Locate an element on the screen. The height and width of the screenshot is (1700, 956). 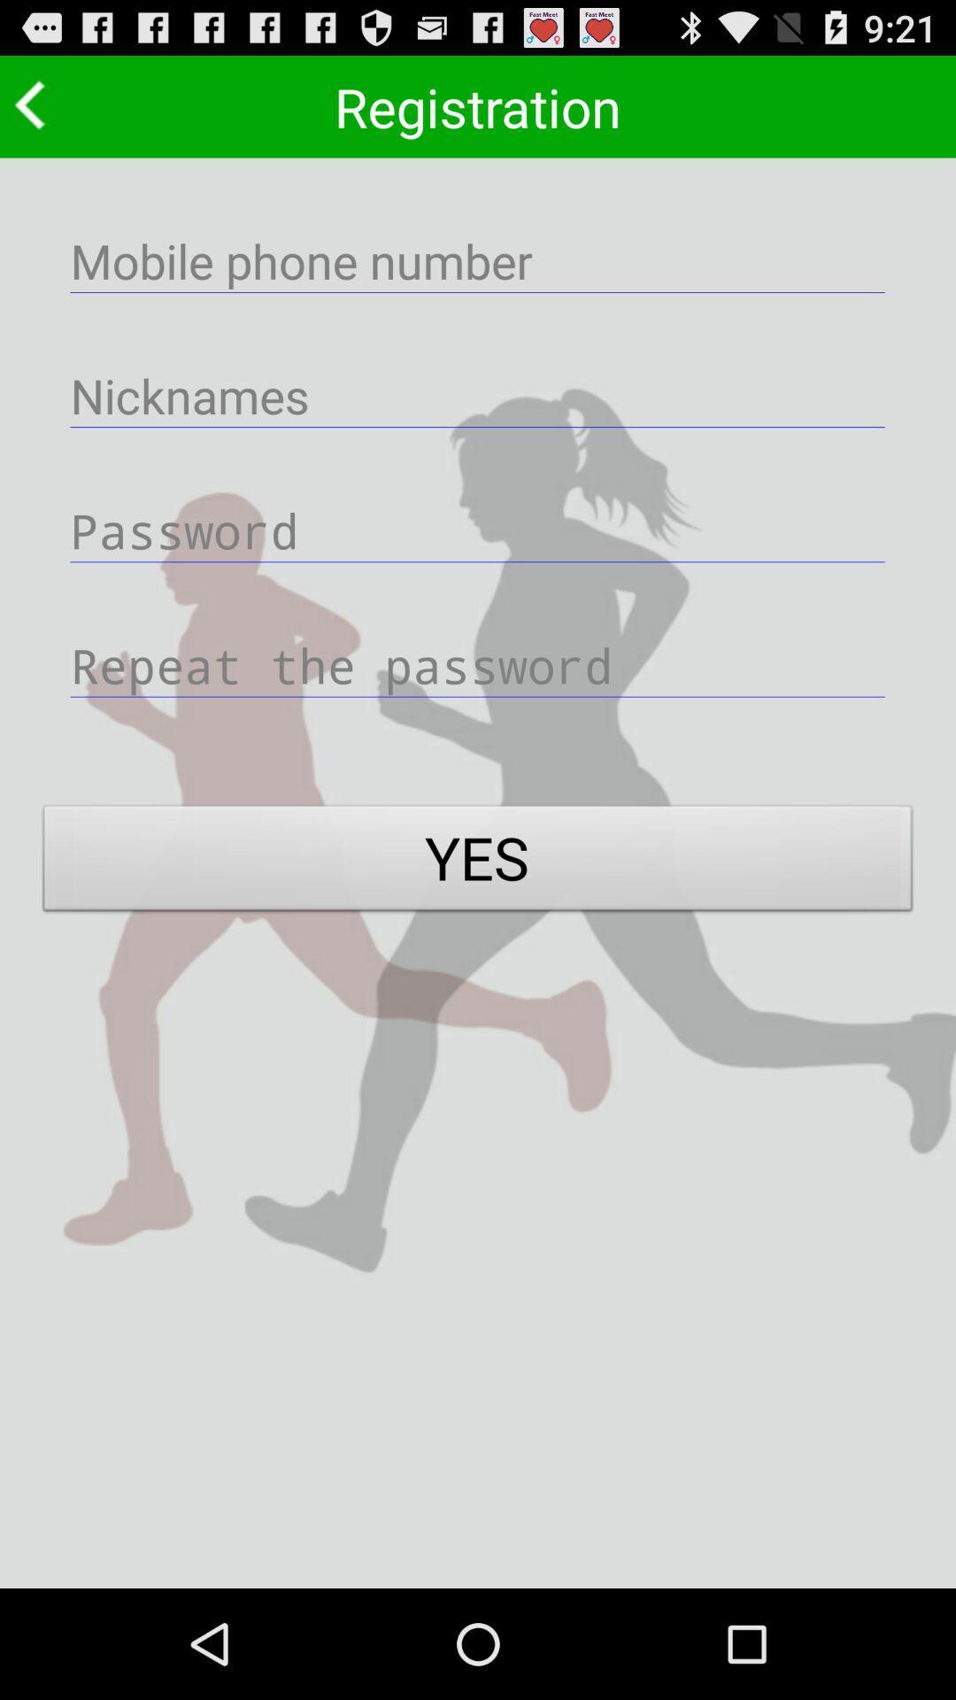
reenter password is located at coordinates (478, 664).